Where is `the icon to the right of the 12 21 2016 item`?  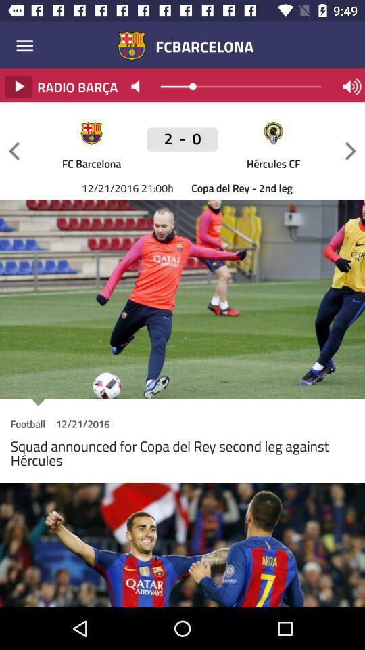 the icon to the right of the 12 21 2016 item is located at coordinates (182, 146).